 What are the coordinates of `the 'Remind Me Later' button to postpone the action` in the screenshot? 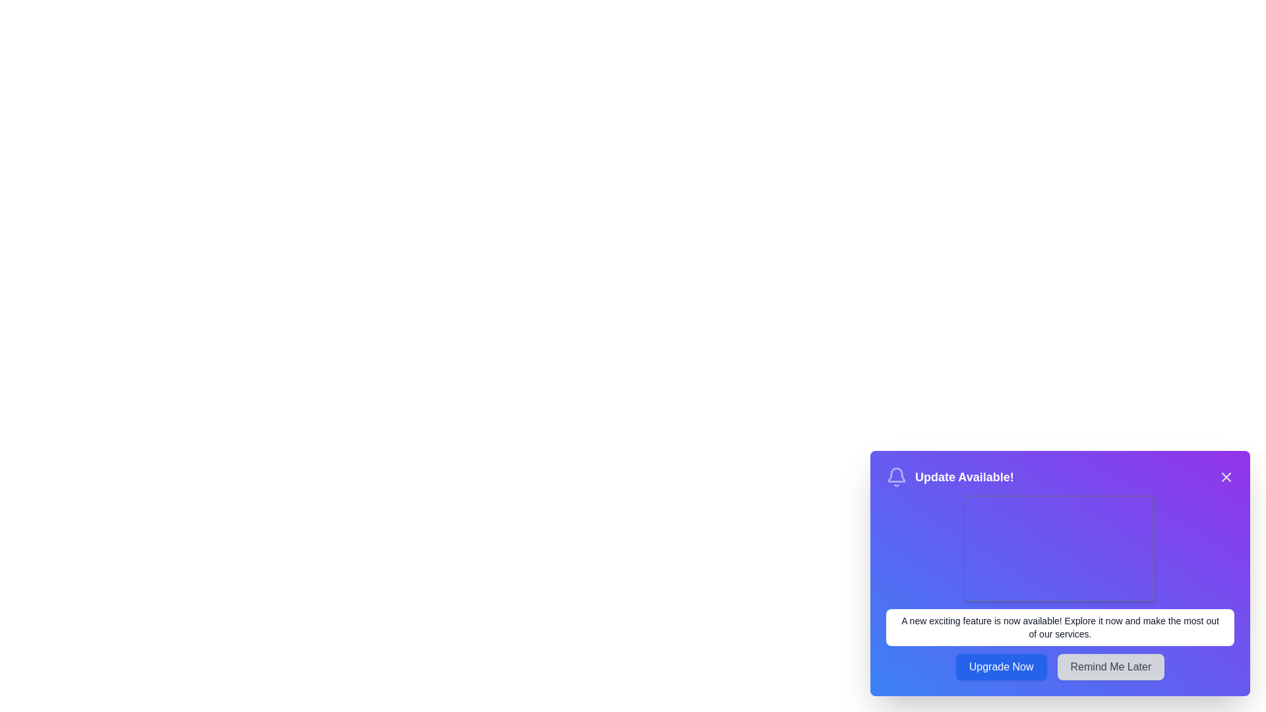 It's located at (1110, 667).